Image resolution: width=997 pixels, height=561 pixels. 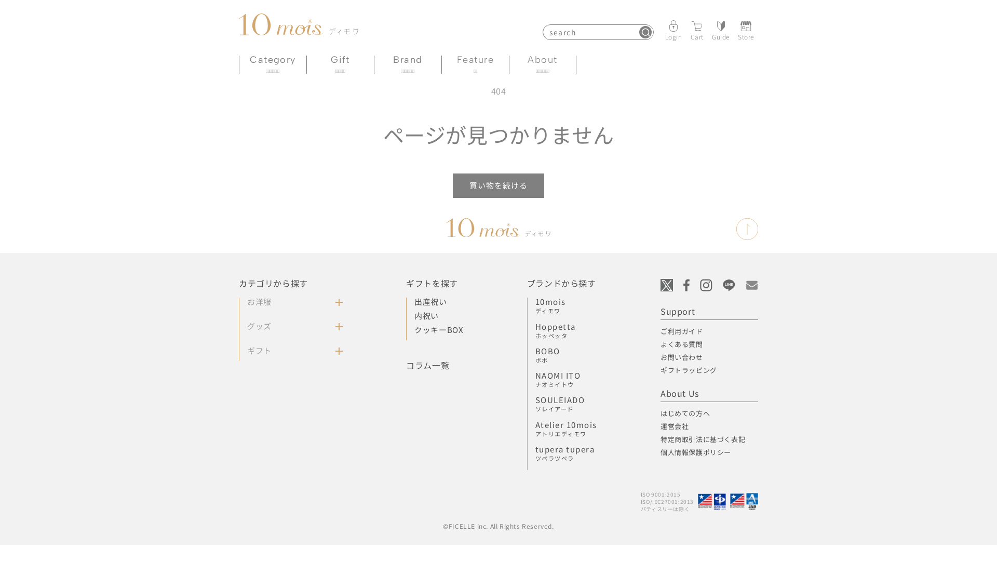 What do you see at coordinates (673, 29) in the screenshot?
I see `'Login'` at bounding box center [673, 29].